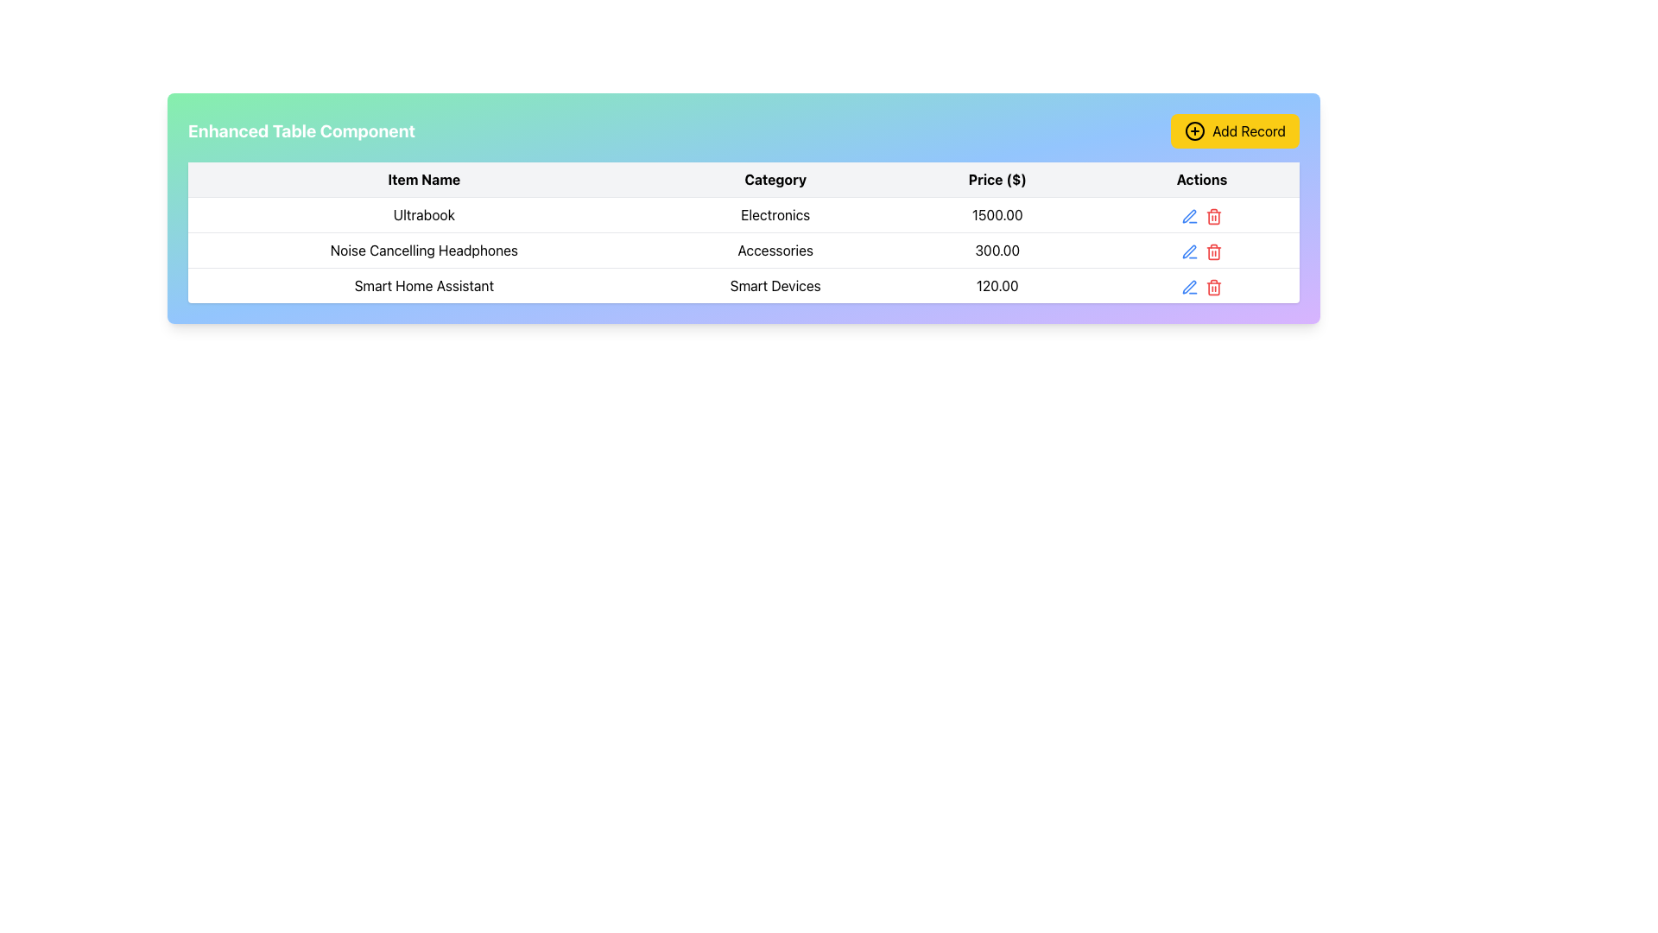 The height and width of the screenshot is (933, 1658). Describe the element at coordinates (997, 250) in the screenshot. I see `the price display element for the product 'Noise Cancelling Headphones' located in the 'Price ($)' column of the table` at that location.